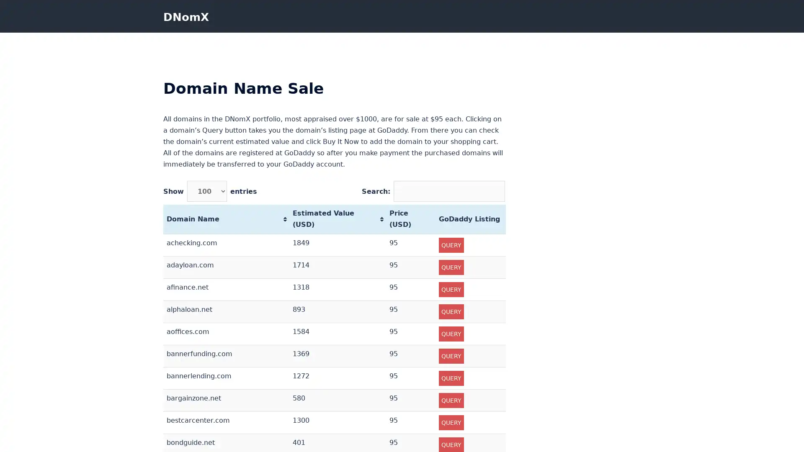  I want to click on QUERY, so click(450, 245).